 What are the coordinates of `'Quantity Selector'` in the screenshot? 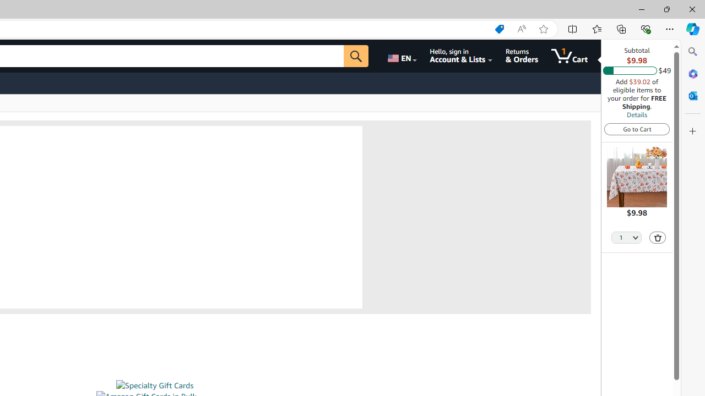 It's located at (626, 236).